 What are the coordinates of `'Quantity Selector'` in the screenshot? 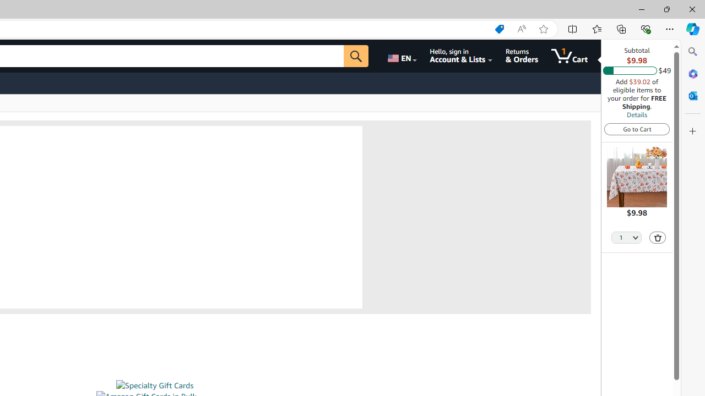 It's located at (626, 236).